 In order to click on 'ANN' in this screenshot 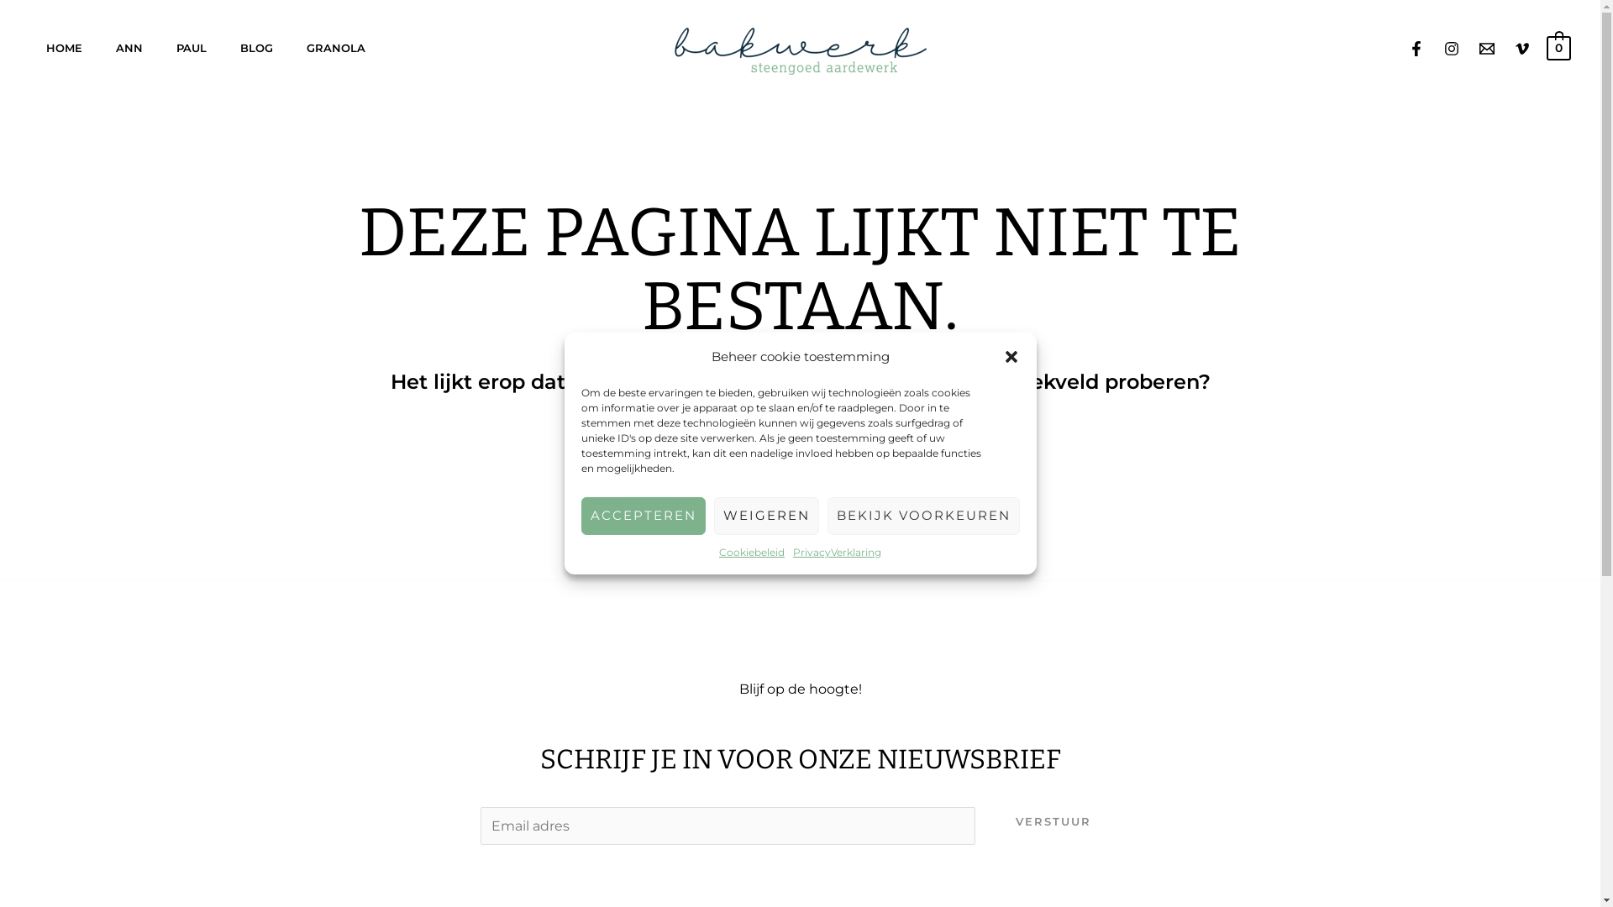, I will do `click(128, 47)`.